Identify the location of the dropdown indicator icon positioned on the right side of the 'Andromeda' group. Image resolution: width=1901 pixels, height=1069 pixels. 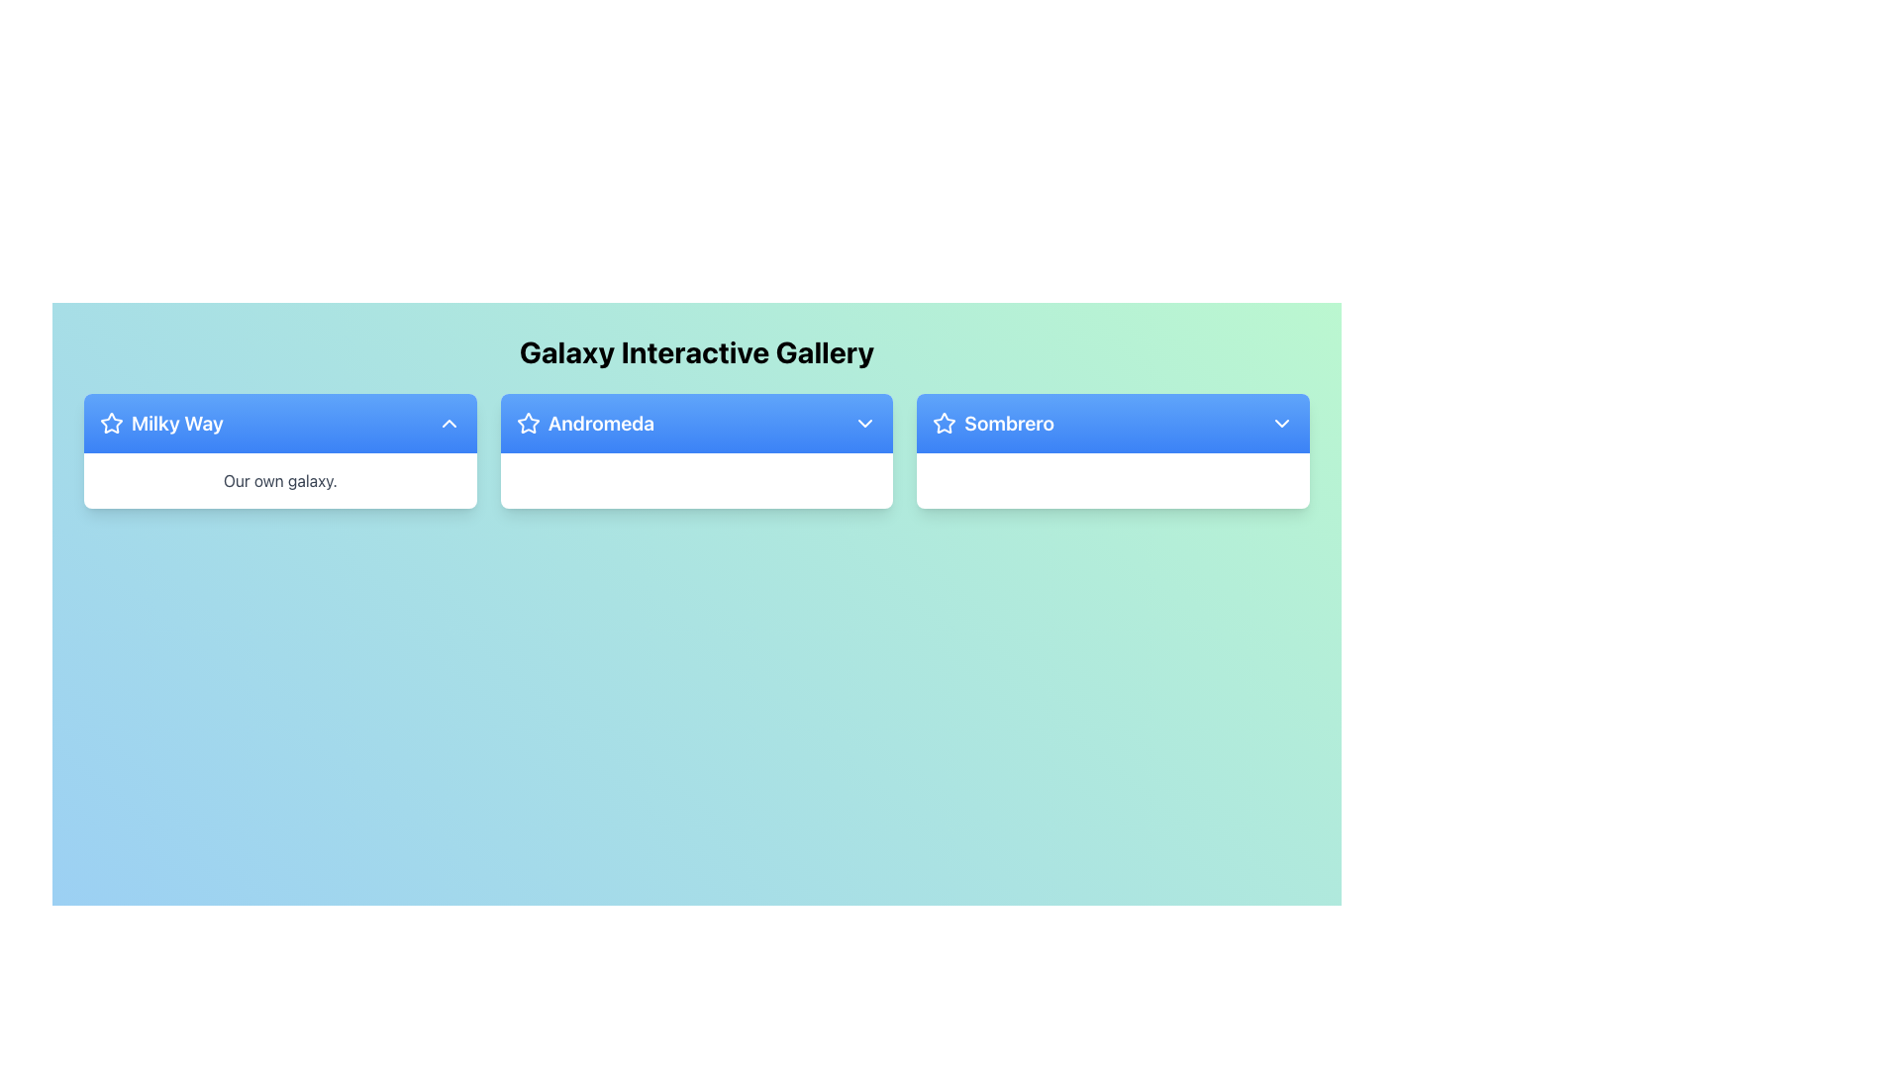
(865, 423).